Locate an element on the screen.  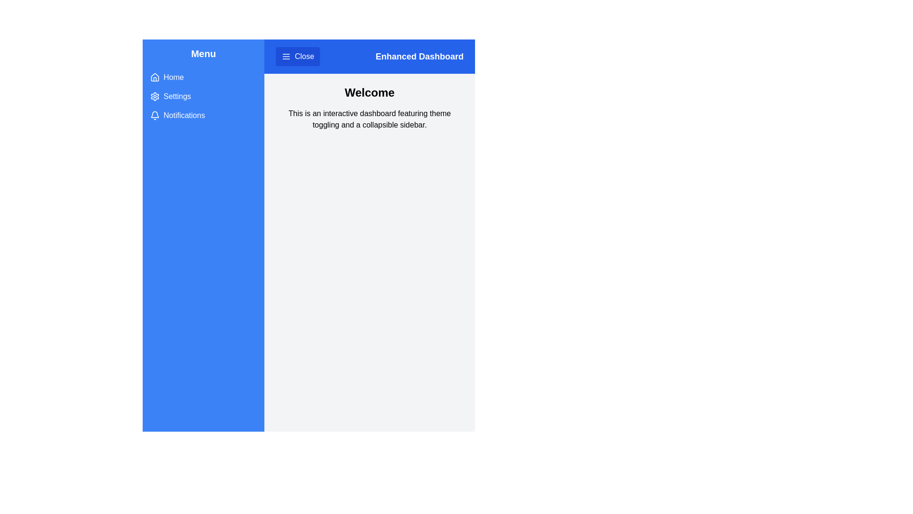
text content of the 'Enhanced Dashboard' text element, which is styled with a large, bold font and centered within a blue background bar at the top of the interface is located at coordinates (419, 57).